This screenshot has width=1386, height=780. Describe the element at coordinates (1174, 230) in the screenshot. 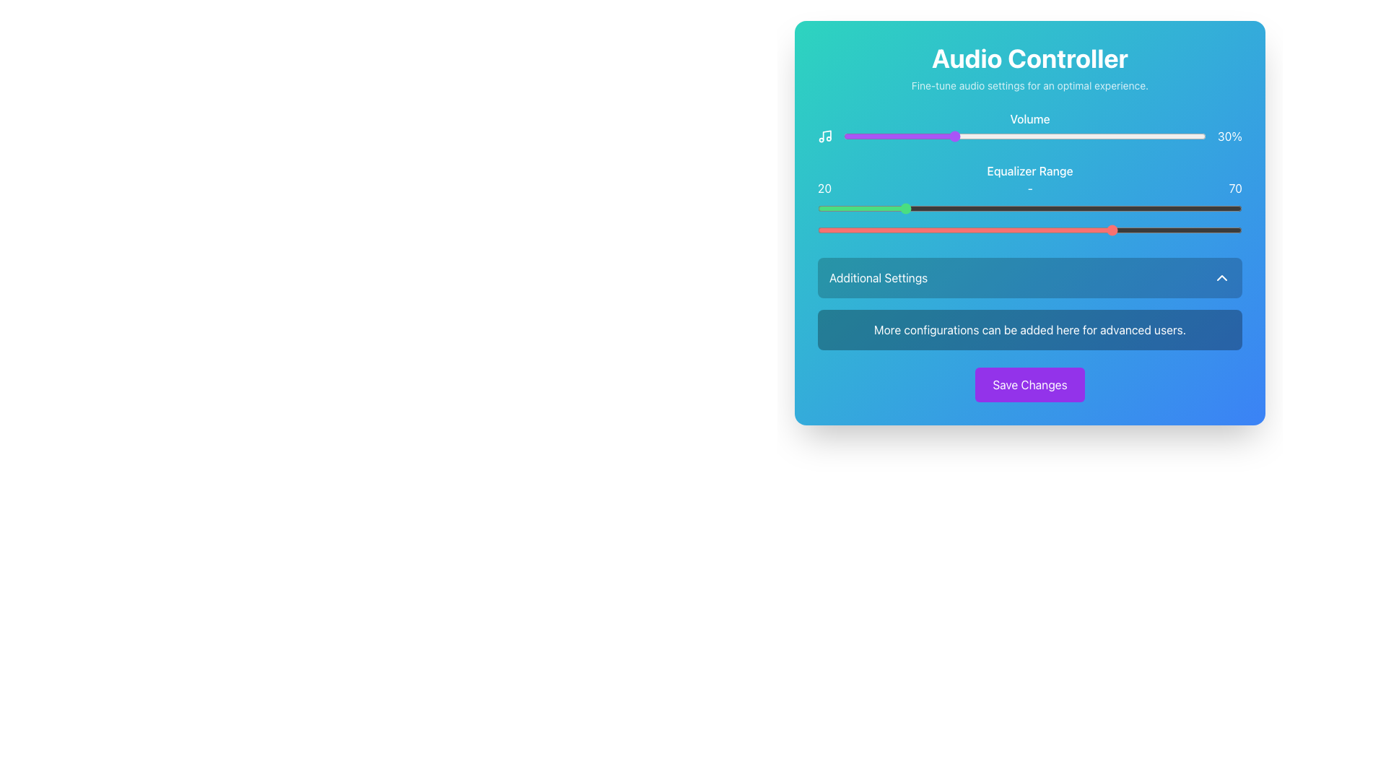

I see `the equalizer range` at that location.